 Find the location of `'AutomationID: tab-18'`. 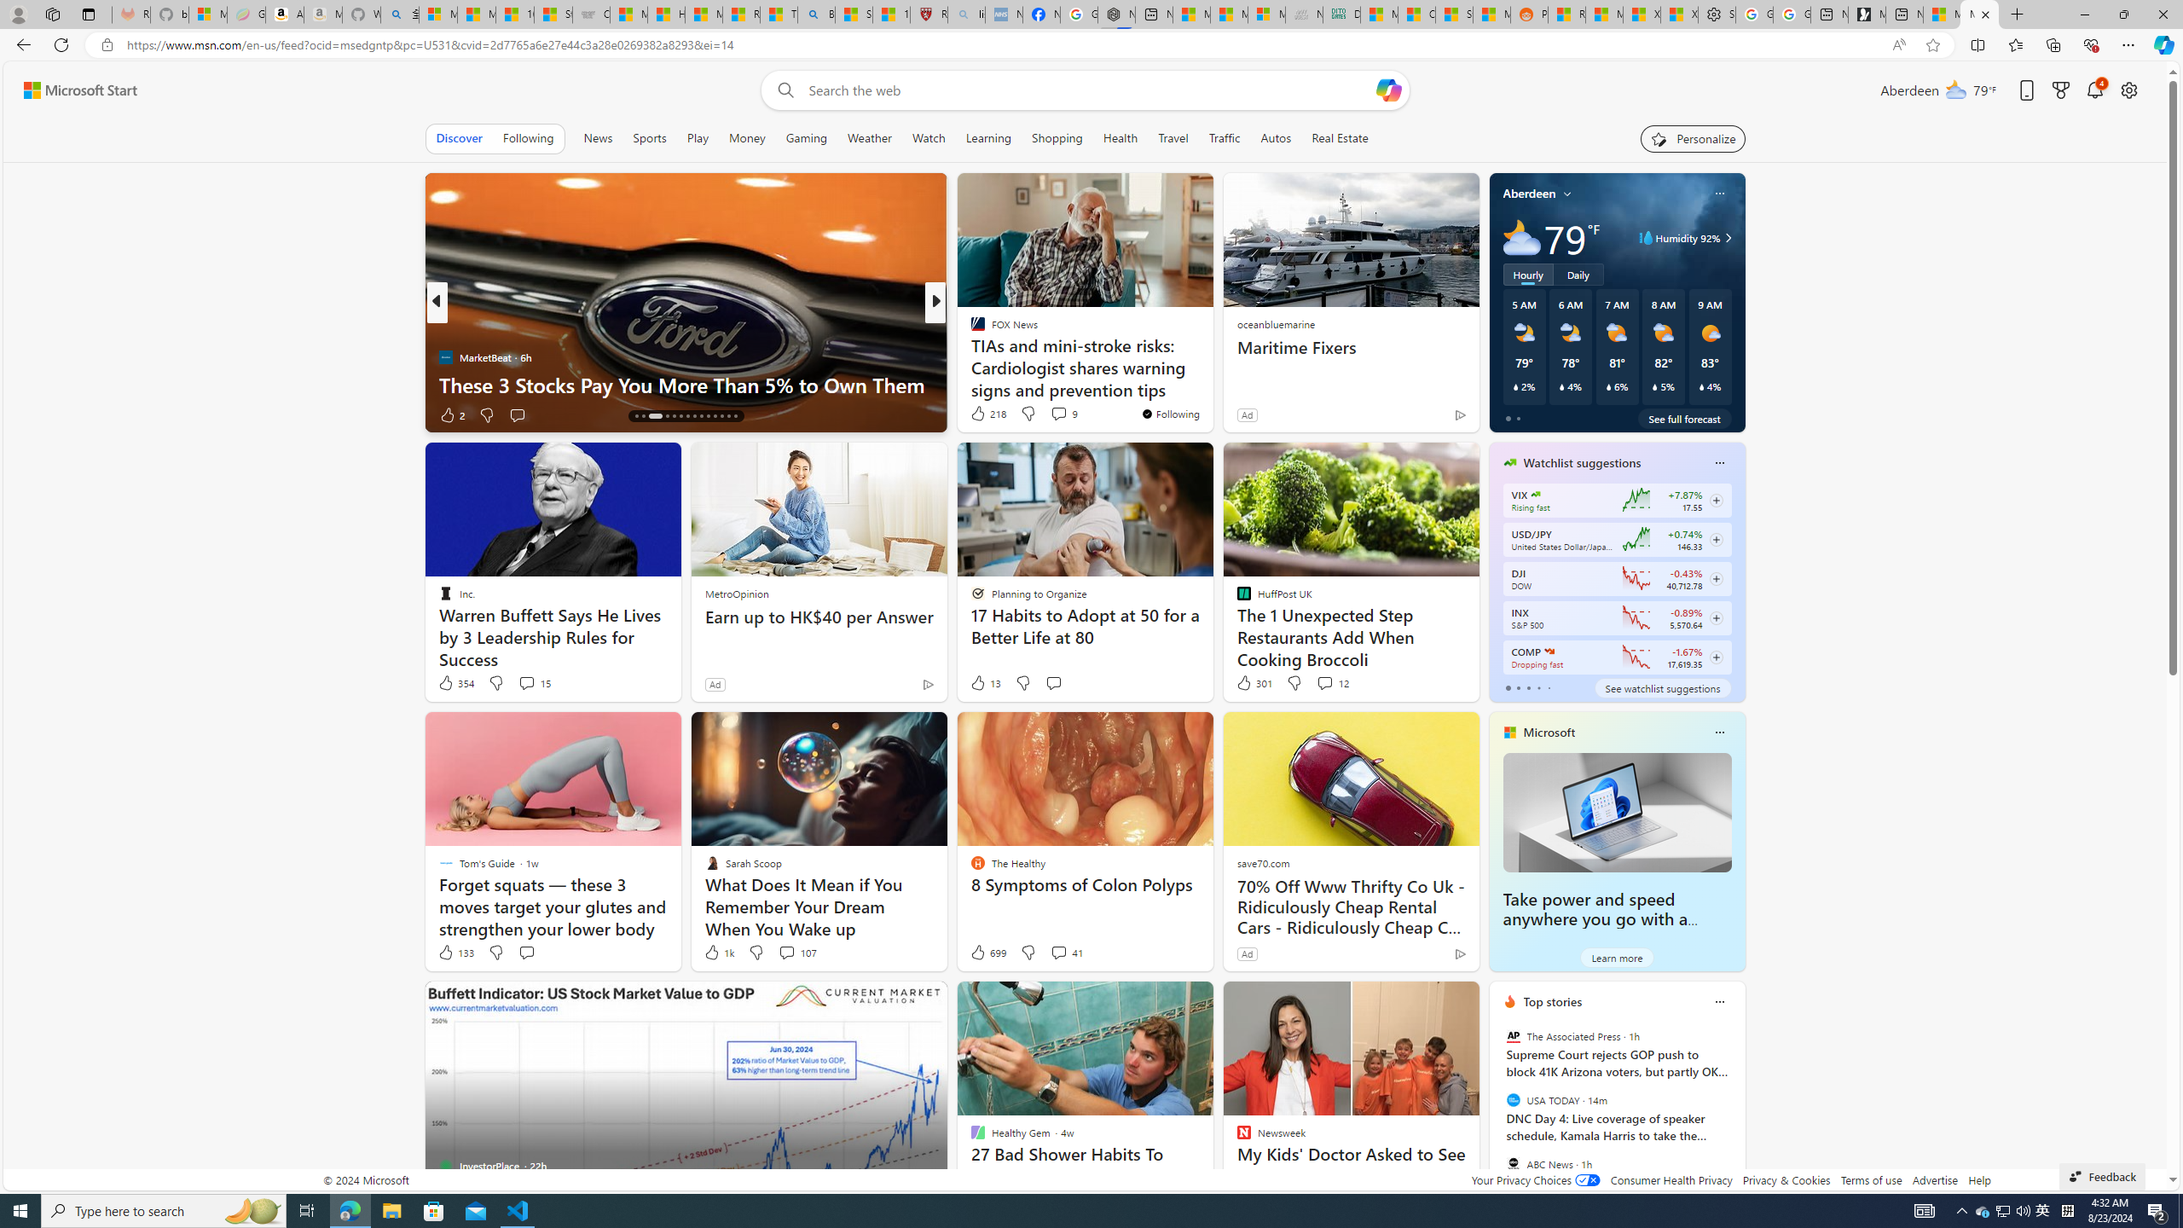

'AutomationID: tab-18' is located at coordinates (667, 415).